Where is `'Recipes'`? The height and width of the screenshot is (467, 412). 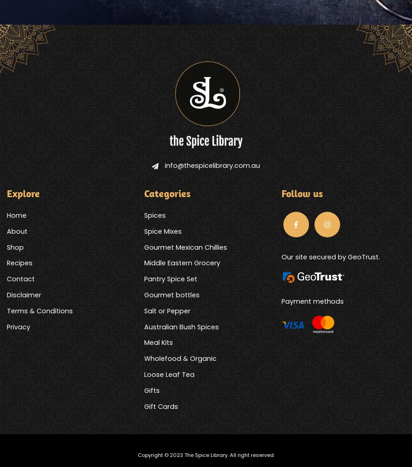
'Recipes' is located at coordinates (19, 263).